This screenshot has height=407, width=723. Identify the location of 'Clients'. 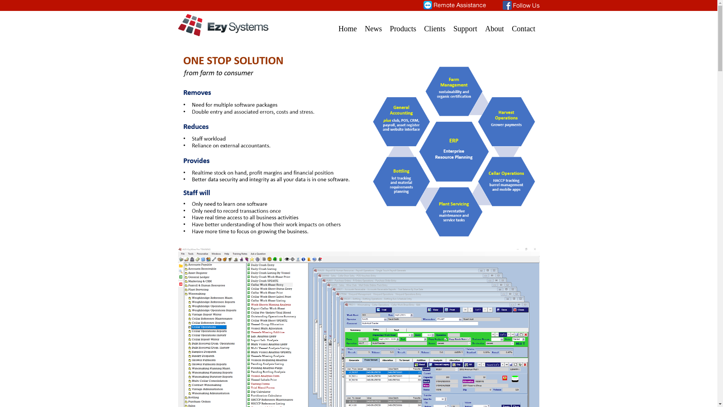
(435, 24).